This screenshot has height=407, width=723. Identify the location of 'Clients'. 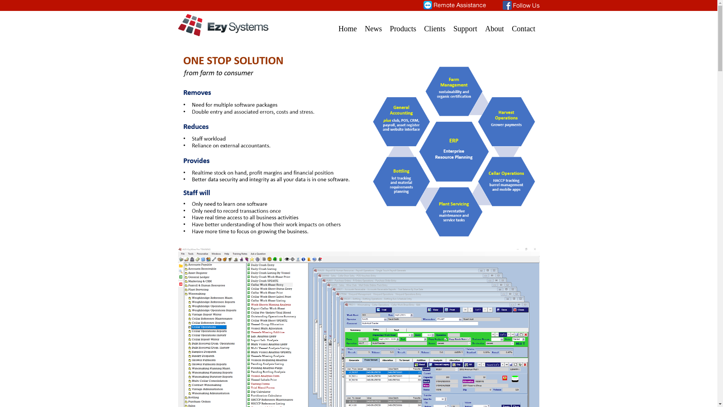
(435, 24).